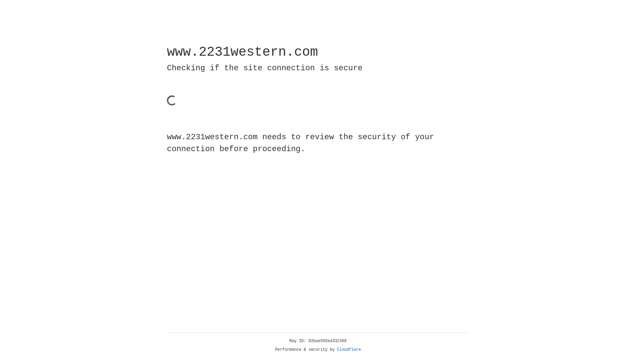  What do you see at coordinates (349, 349) in the screenshot?
I see `'Cloudflare'` at bounding box center [349, 349].